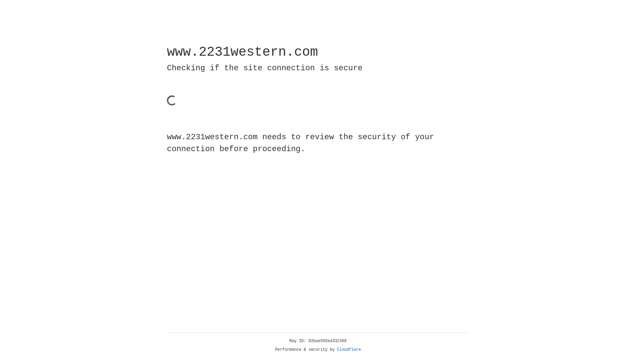  What do you see at coordinates (349, 349) in the screenshot?
I see `'Cloudflare'` at bounding box center [349, 349].